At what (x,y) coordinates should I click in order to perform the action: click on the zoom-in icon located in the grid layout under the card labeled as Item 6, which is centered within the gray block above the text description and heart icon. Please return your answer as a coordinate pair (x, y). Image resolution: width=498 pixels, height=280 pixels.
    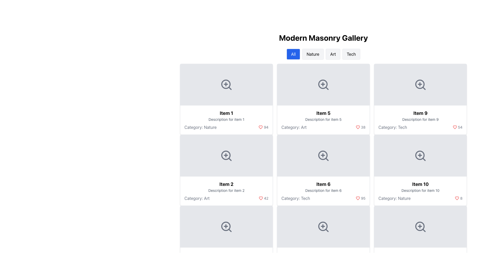
    Looking at the image, I should click on (323, 227).